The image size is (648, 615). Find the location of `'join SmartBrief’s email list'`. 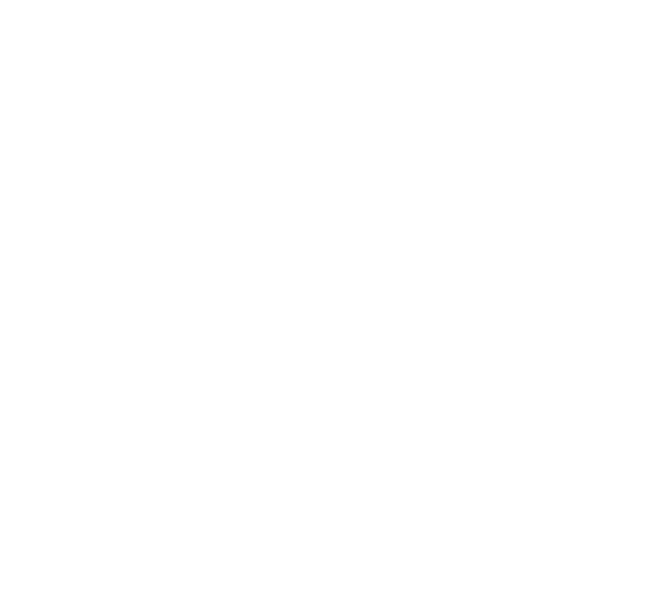

'join SmartBrief’s email list' is located at coordinates (233, 108).